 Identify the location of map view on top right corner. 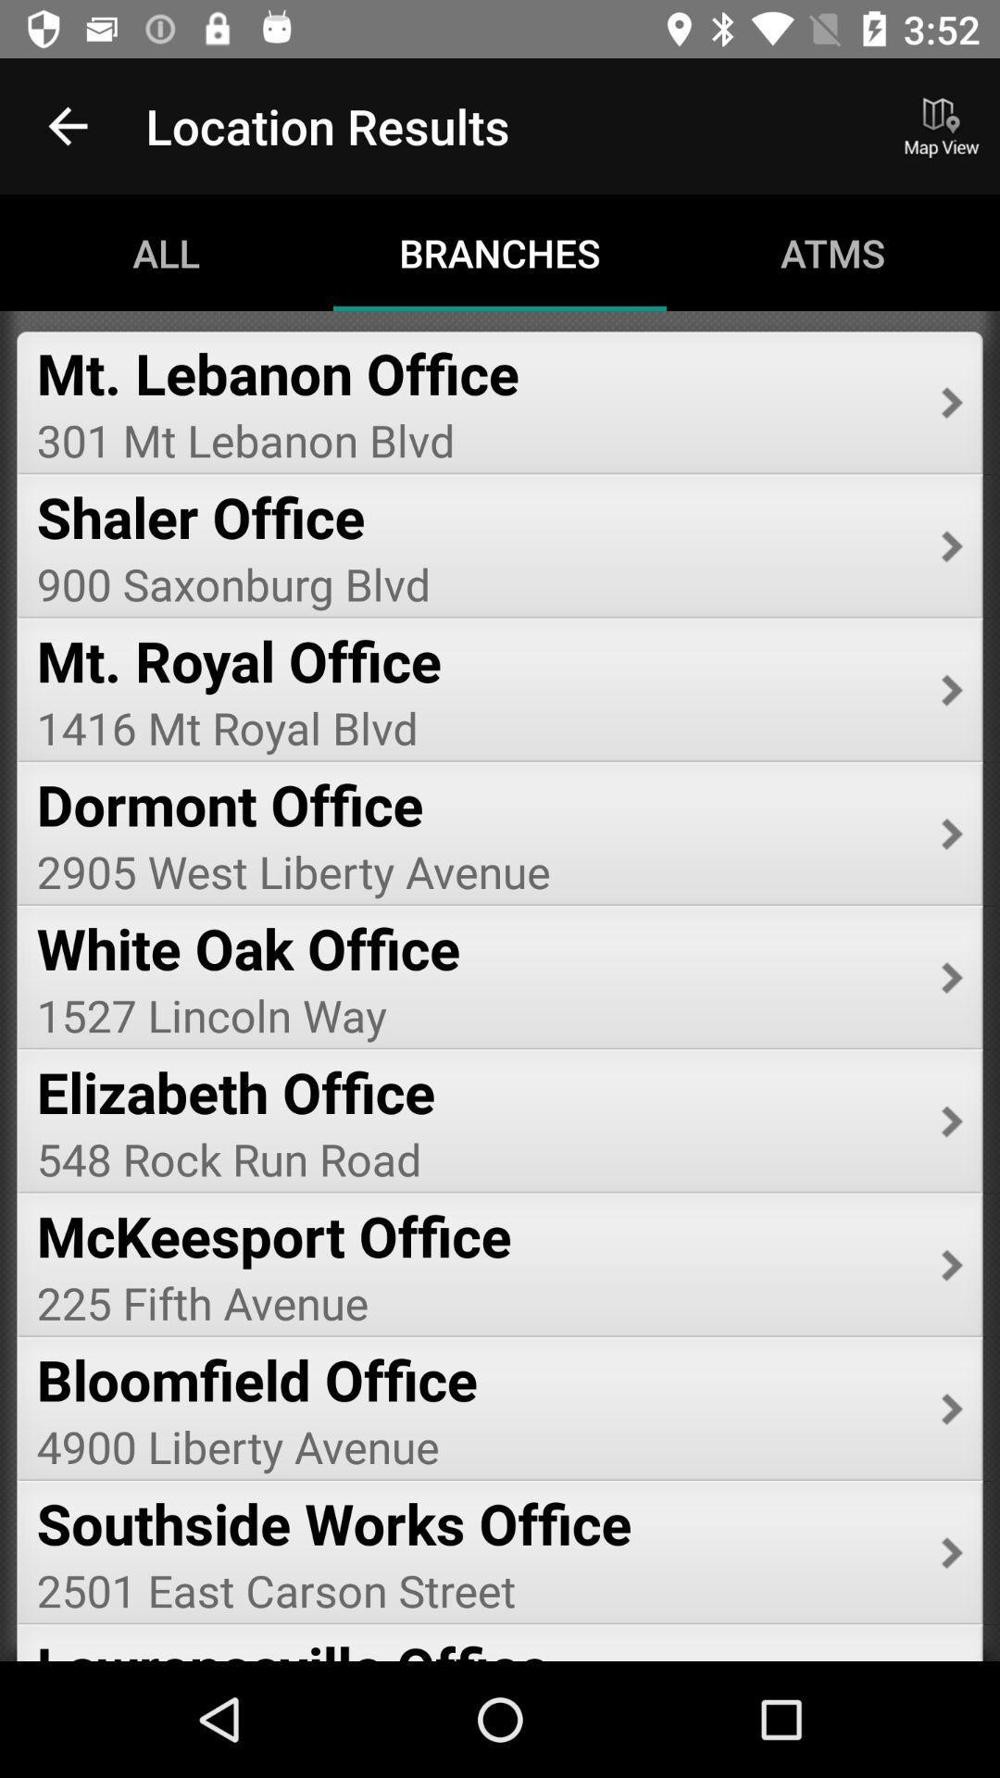
(942, 126).